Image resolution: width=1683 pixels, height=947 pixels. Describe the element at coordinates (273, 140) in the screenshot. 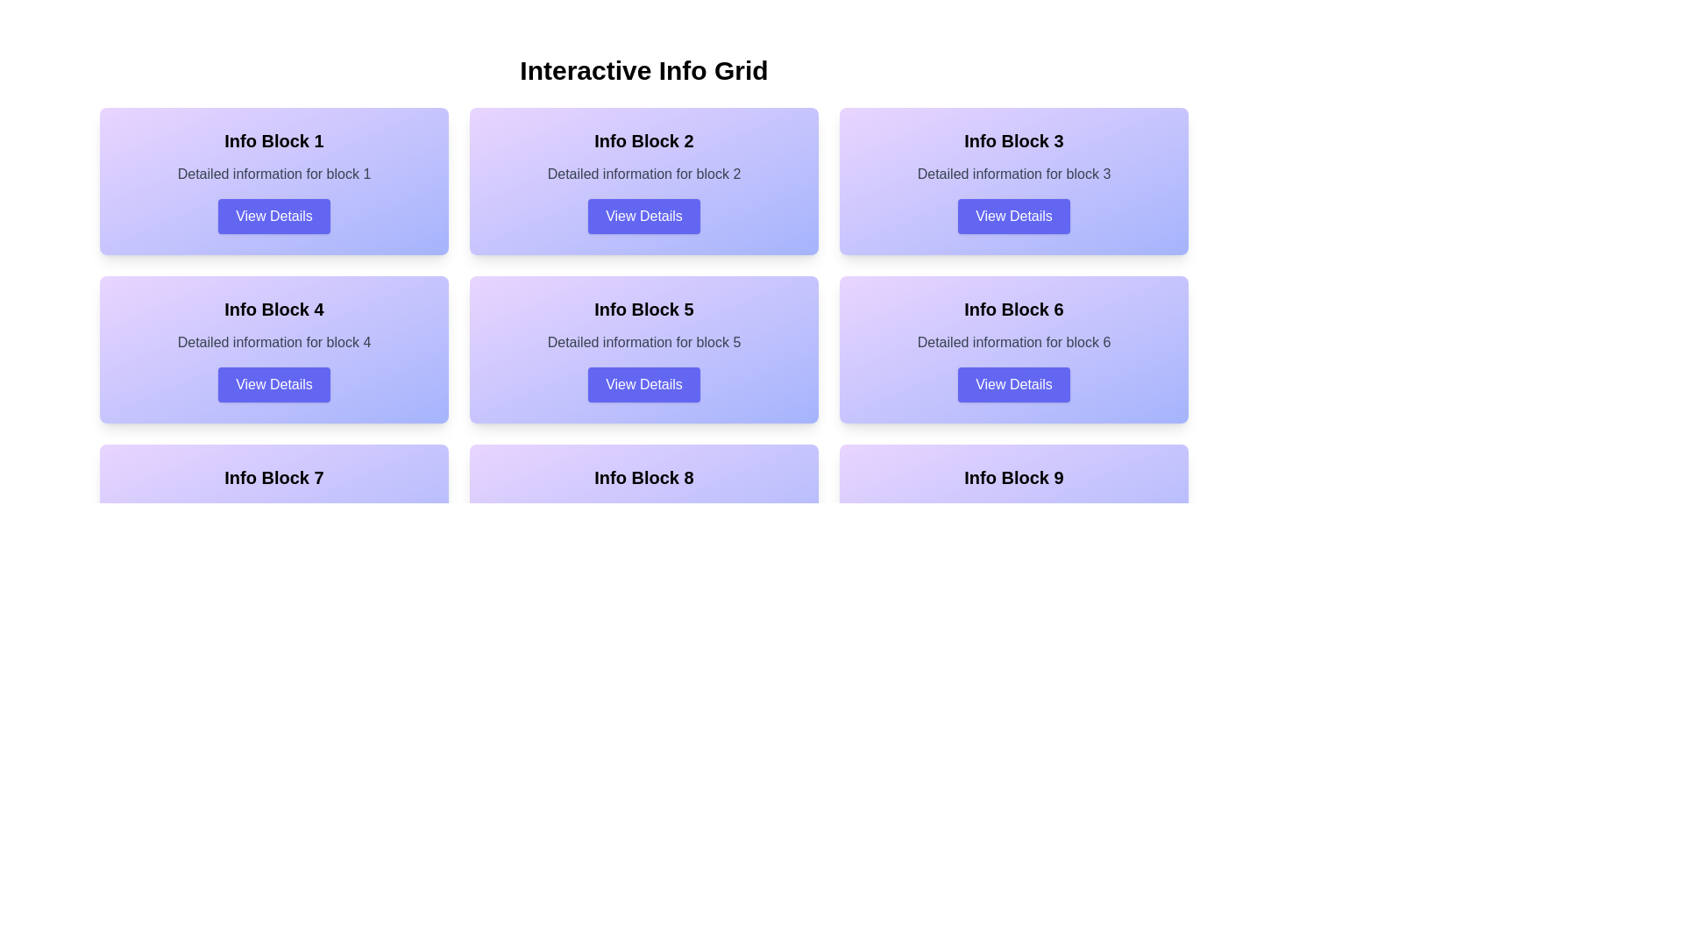

I see `text of the header in the first card of the grid layout, which summarizes the content or purpose of the card` at that location.